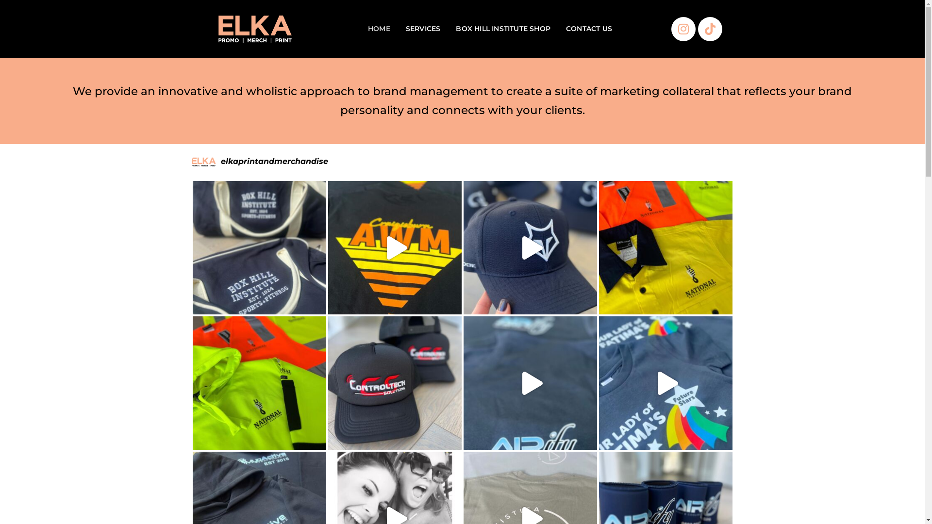 The image size is (932, 524). I want to click on 'elkaprintandmerchandise', so click(461, 162).